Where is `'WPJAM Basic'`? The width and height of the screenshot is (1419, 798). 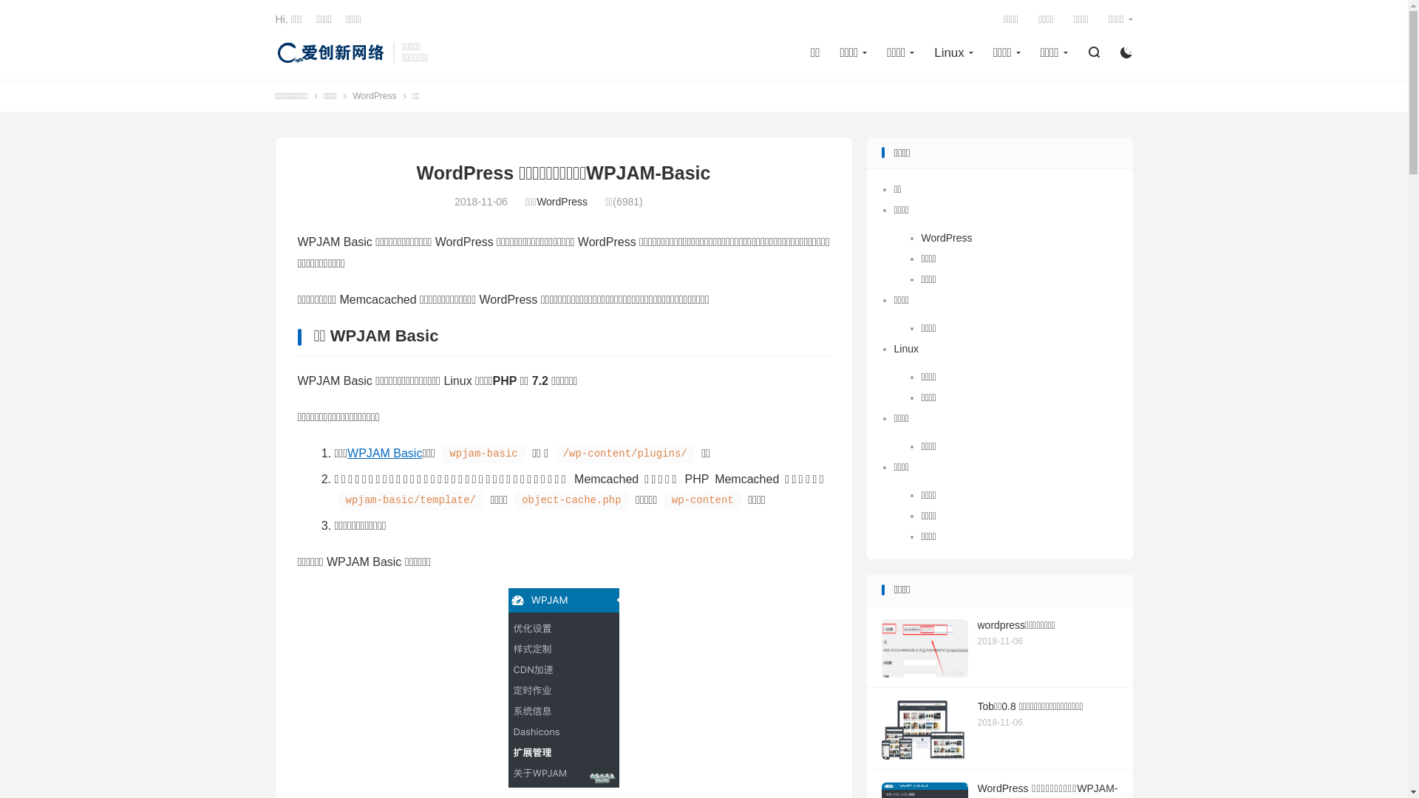
'WPJAM Basic' is located at coordinates (384, 452).